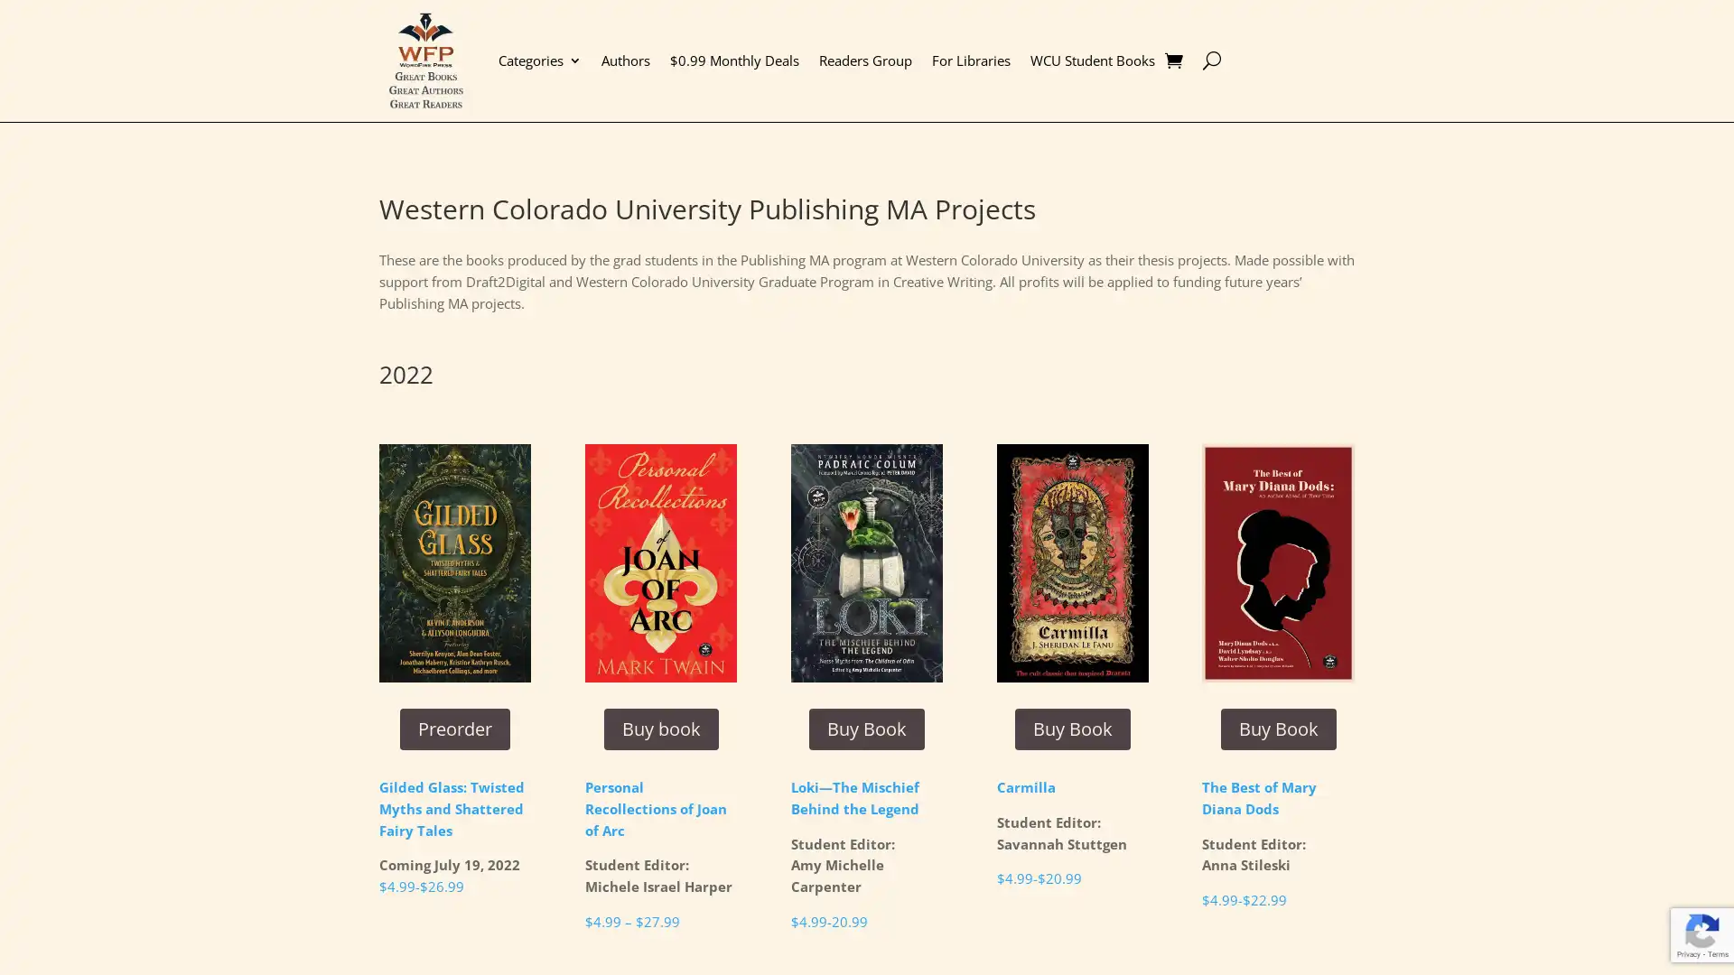 The width and height of the screenshot is (1734, 975). Describe the element at coordinates (1210, 59) in the screenshot. I see `U` at that location.